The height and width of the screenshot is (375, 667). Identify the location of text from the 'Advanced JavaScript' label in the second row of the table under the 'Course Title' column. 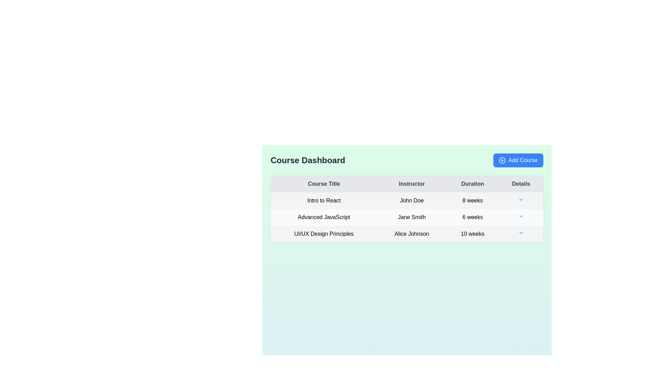
(323, 217).